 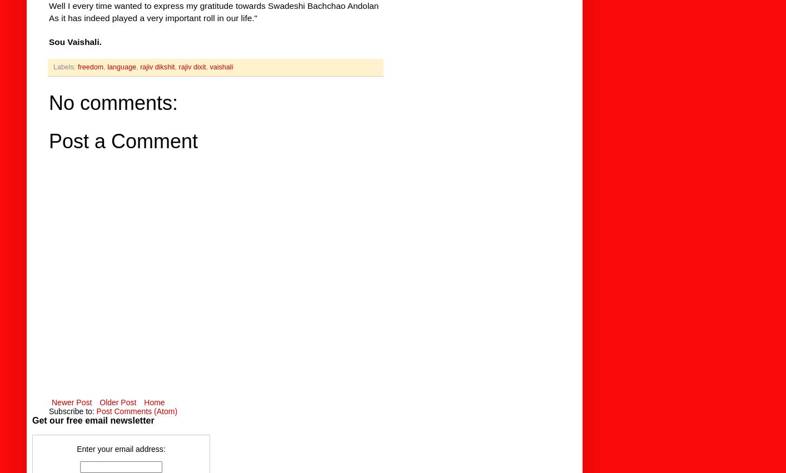 I want to click on 'Post a Comment', so click(x=122, y=140).